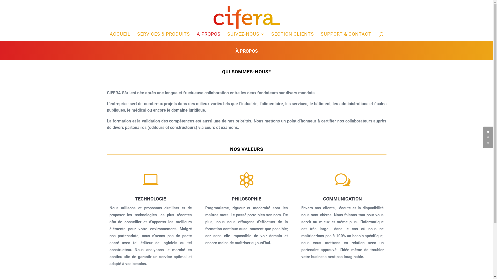 Image resolution: width=497 pixels, height=279 pixels. What do you see at coordinates (163, 36) in the screenshot?
I see `'SERVICES & PRODUITS'` at bounding box center [163, 36].